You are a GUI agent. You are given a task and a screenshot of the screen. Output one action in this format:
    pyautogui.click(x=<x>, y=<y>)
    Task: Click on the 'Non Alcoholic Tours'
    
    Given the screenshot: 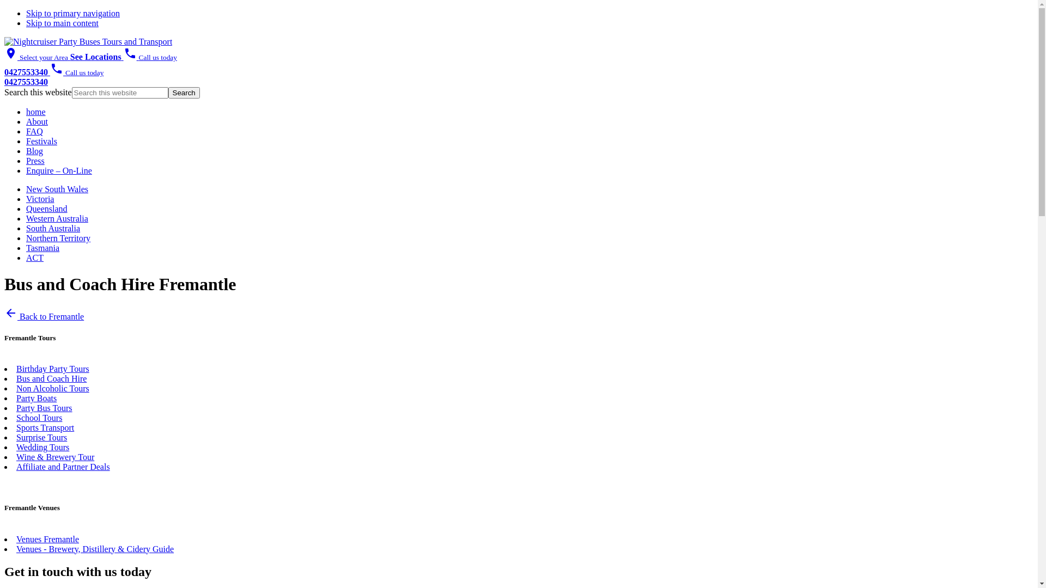 What is the action you would take?
    pyautogui.click(x=52, y=388)
    